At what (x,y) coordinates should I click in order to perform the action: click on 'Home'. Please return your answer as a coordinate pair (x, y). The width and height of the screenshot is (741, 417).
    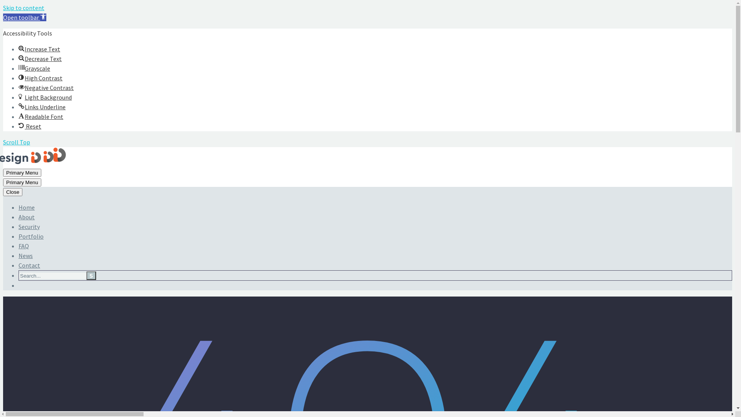
    Looking at the image, I should click on (19, 207).